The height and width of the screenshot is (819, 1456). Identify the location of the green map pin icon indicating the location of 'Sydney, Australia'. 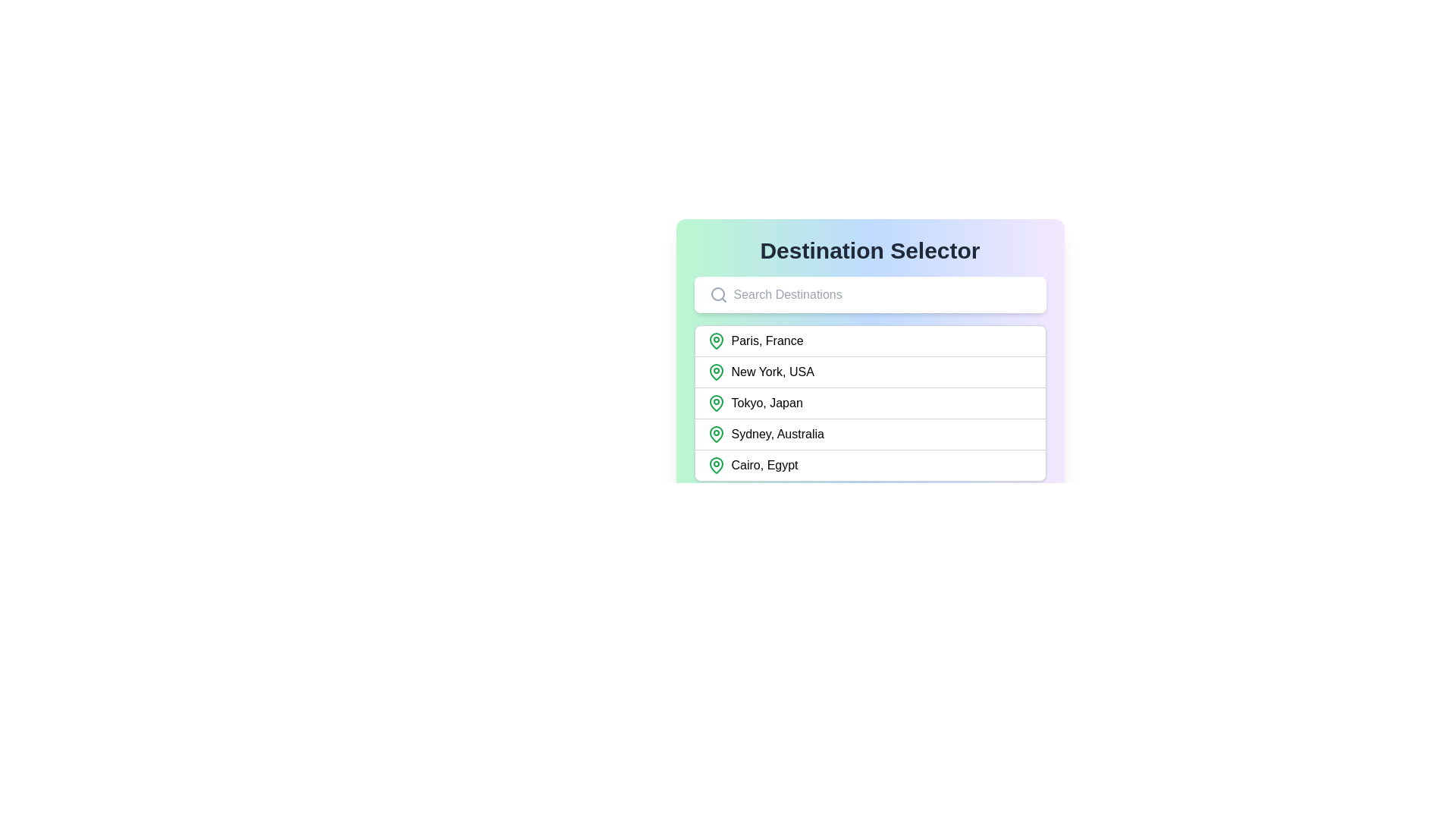
(715, 435).